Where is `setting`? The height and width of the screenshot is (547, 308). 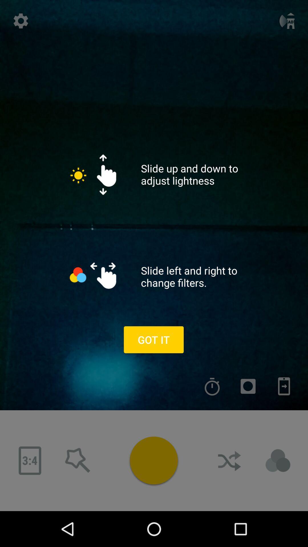
setting is located at coordinates (21, 21).